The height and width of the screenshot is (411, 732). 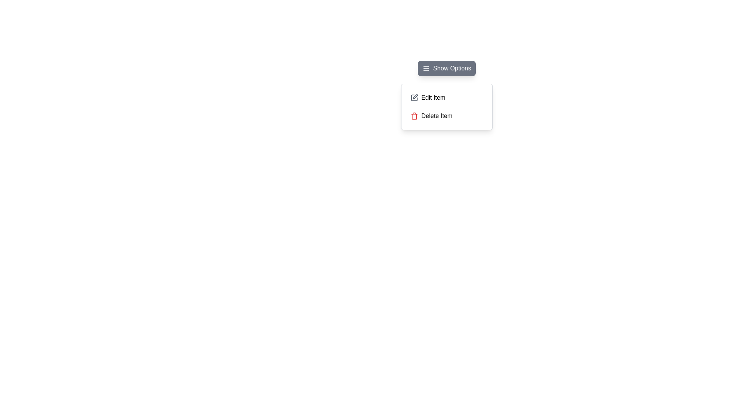 What do you see at coordinates (446, 107) in the screenshot?
I see `the panel with menu options containing 'Edit Item' and 'Delete Item'` at bounding box center [446, 107].